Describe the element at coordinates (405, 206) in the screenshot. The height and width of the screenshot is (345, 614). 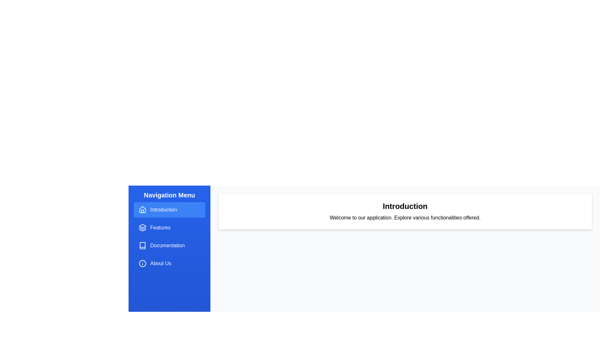
I see `the Text label that serves as a header or title for the section, providing an introductory heading for the content below, which is positioned at the top of a box and centered horizontally in the main content area` at that location.